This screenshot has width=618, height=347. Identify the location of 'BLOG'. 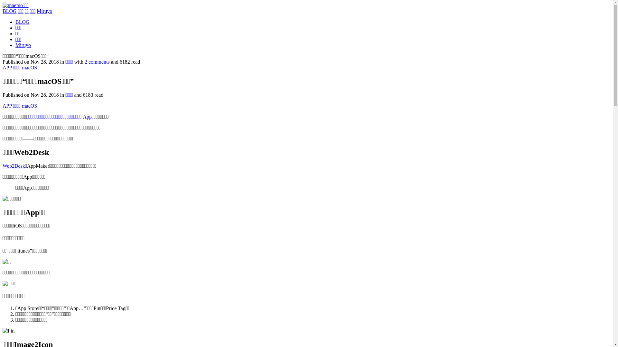
(9, 11).